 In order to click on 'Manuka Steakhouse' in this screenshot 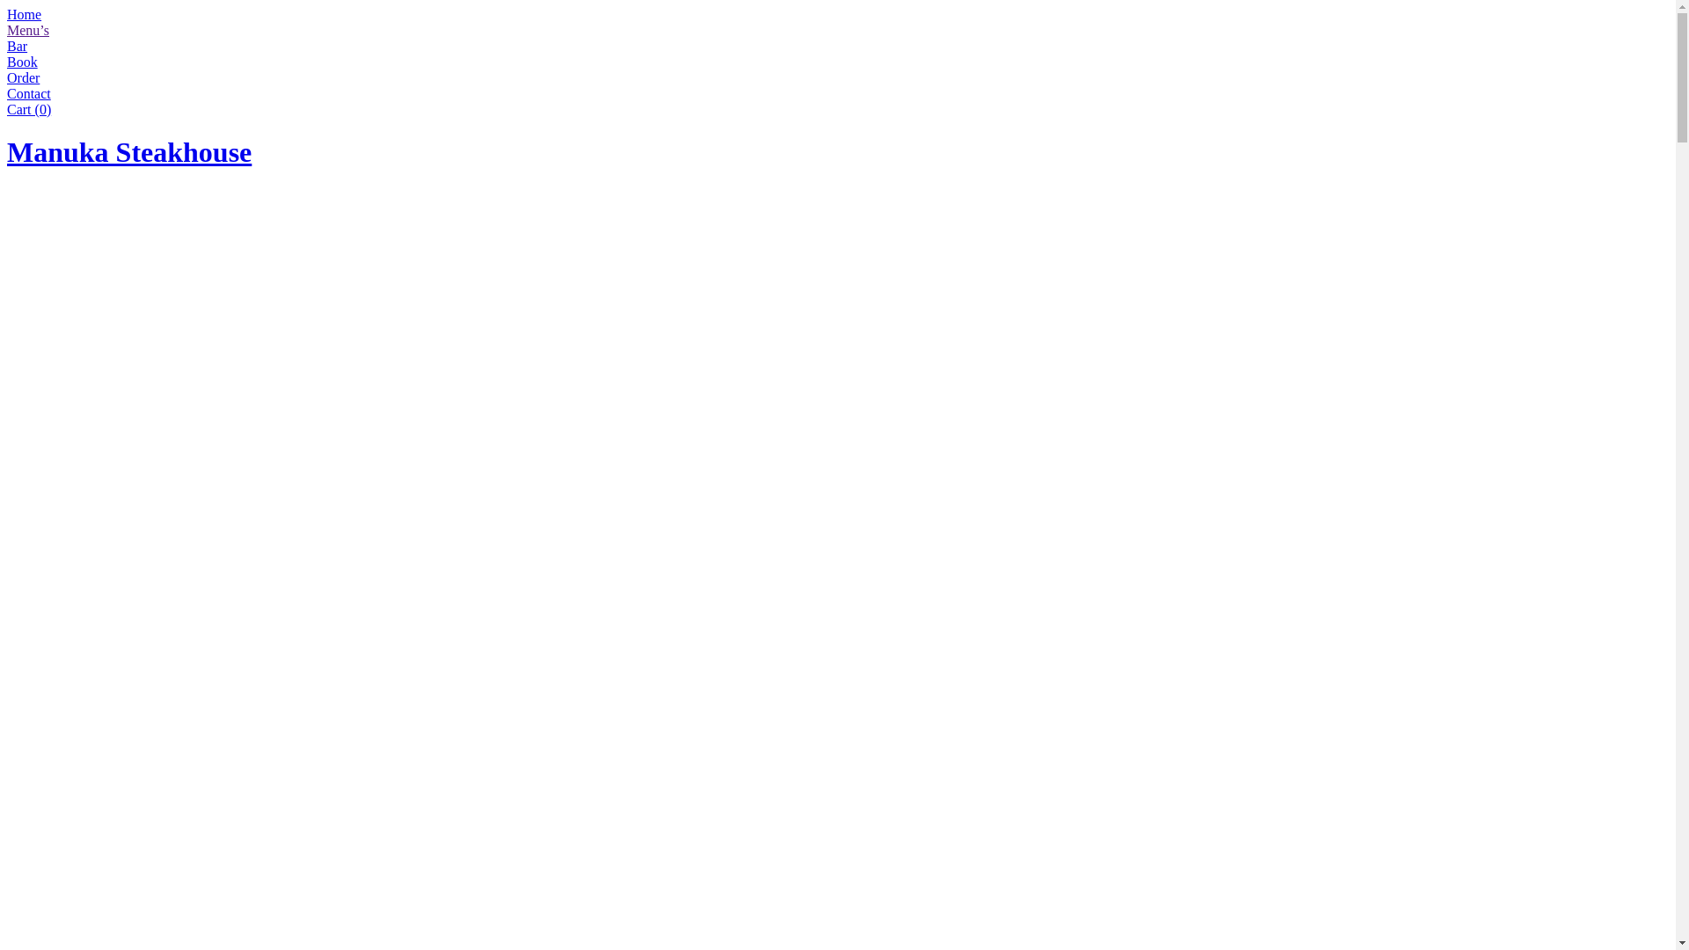, I will do `click(7, 151)`.